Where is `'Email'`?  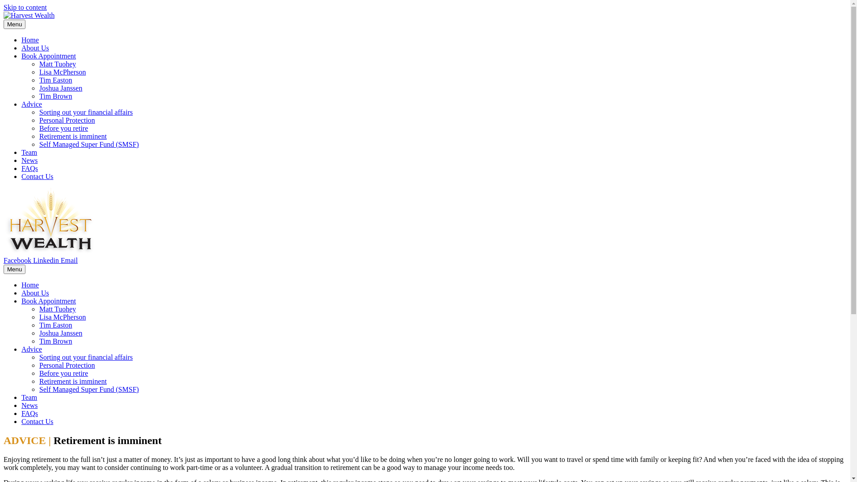 'Email' is located at coordinates (68, 260).